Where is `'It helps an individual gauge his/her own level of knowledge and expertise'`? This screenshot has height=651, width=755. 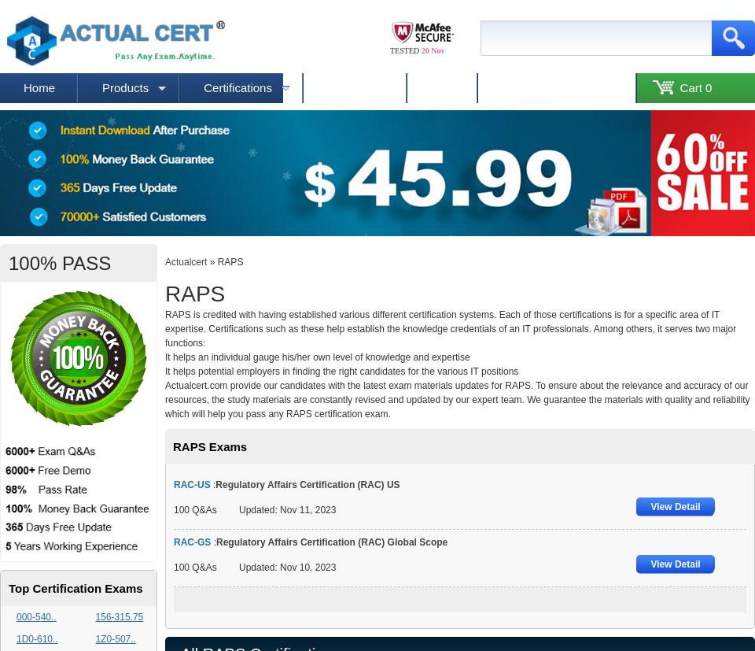 'It helps an individual gauge his/her own level of knowledge and expertise' is located at coordinates (316, 357).